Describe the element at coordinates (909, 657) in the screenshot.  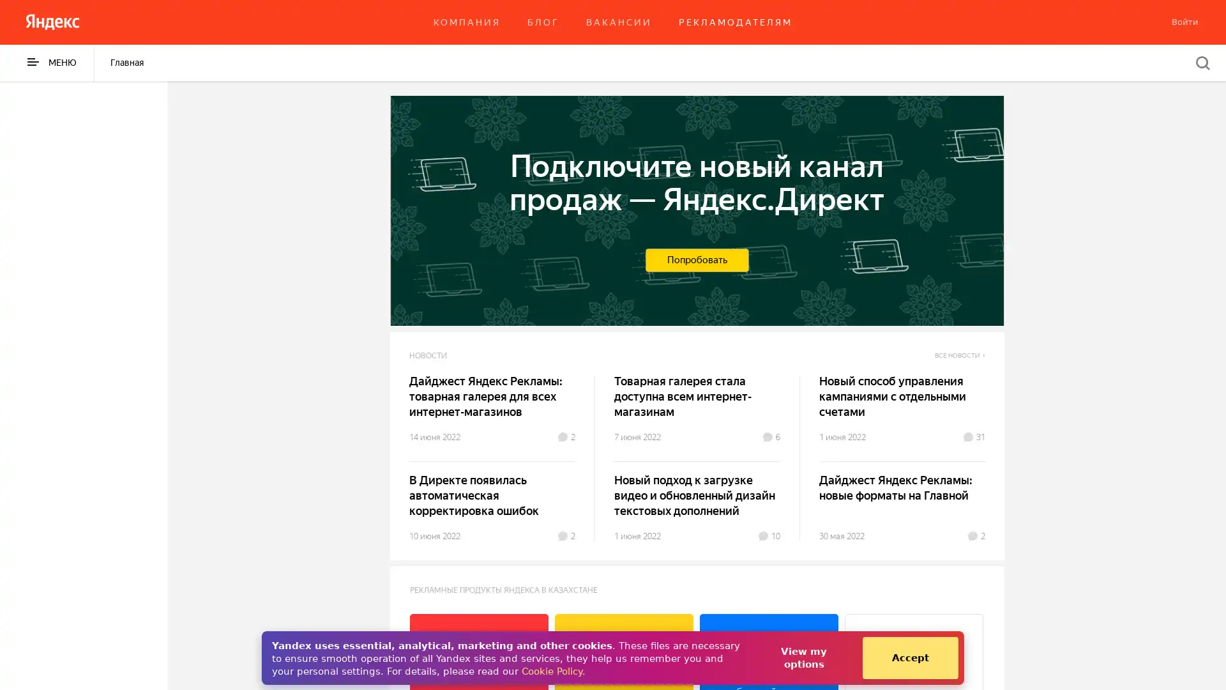
I see `Accept` at that location.